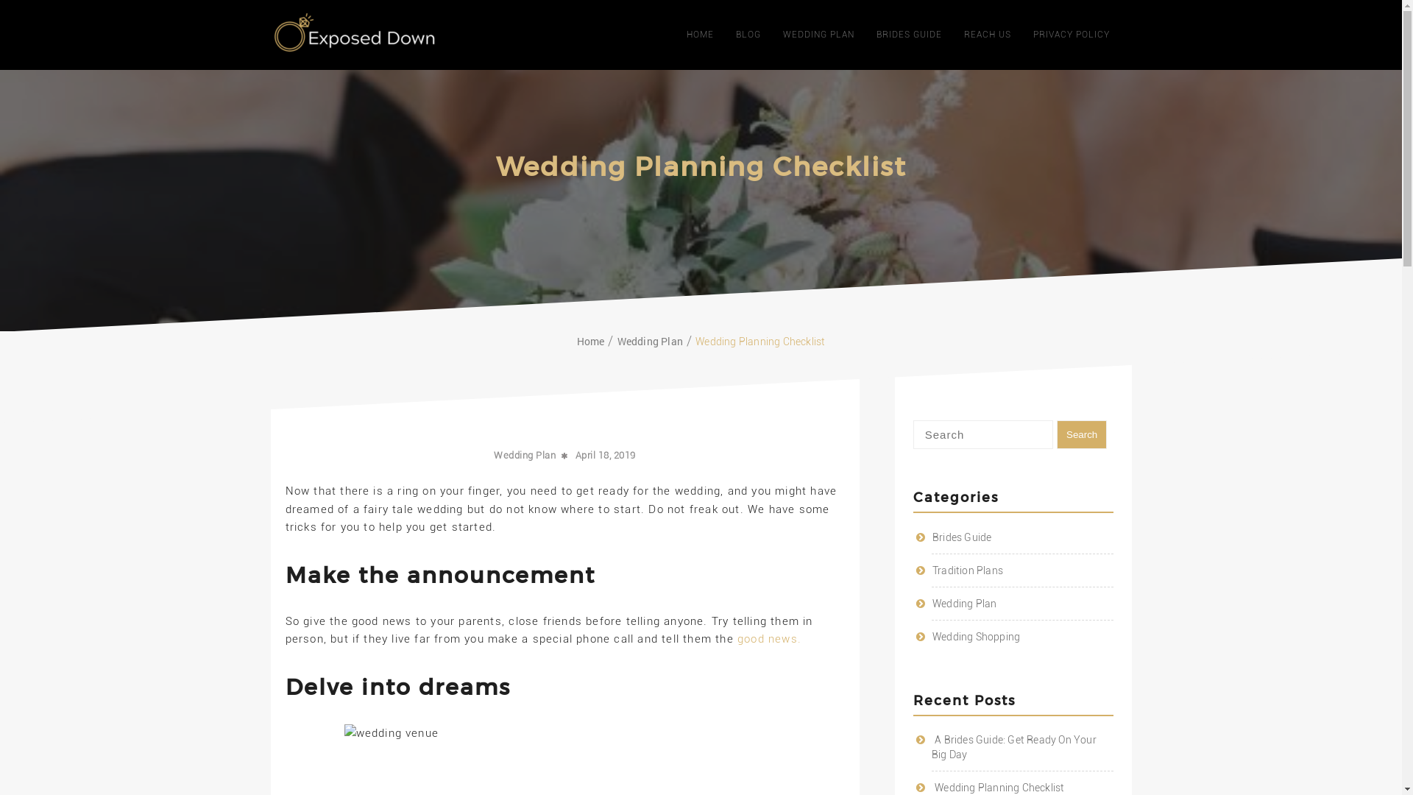 This screenshot has height=795, width=1413. Describe the element at coordinates (818, 33) in the screenshot. I see `'WEDDING PLAN'` at that location.